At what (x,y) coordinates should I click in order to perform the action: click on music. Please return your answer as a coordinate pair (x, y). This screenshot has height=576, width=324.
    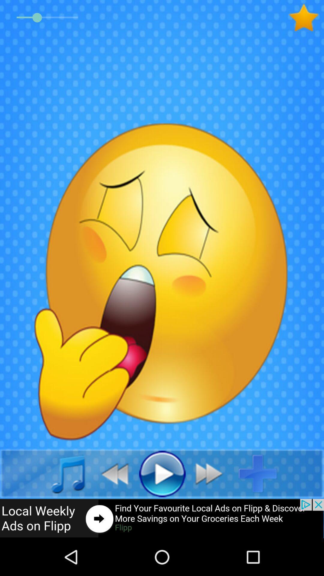
    Looking at the image, I should click on (61, 473).